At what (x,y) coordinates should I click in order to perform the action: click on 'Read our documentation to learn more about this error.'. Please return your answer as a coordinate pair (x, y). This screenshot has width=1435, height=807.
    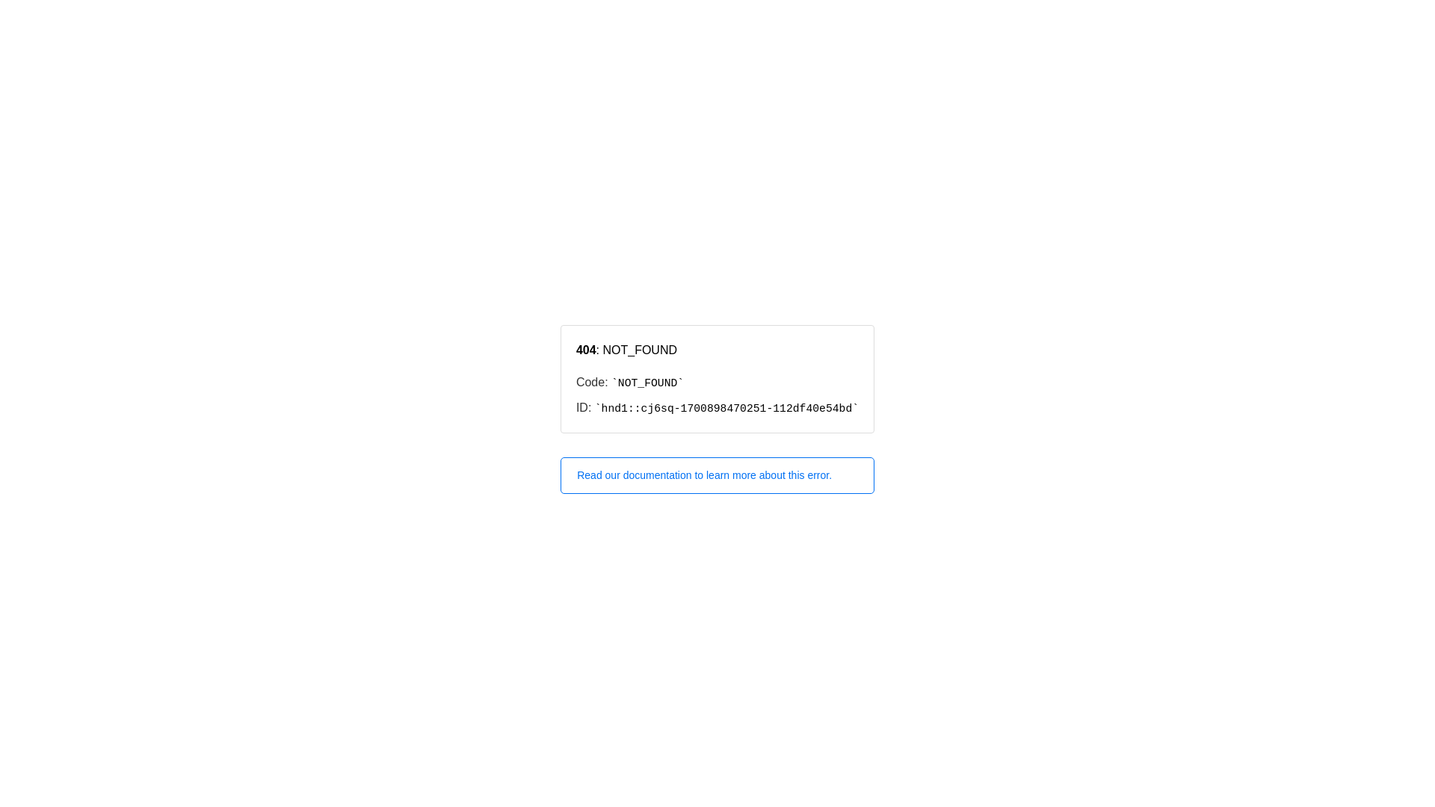
    Looking at the image, I should click on (717, 475).